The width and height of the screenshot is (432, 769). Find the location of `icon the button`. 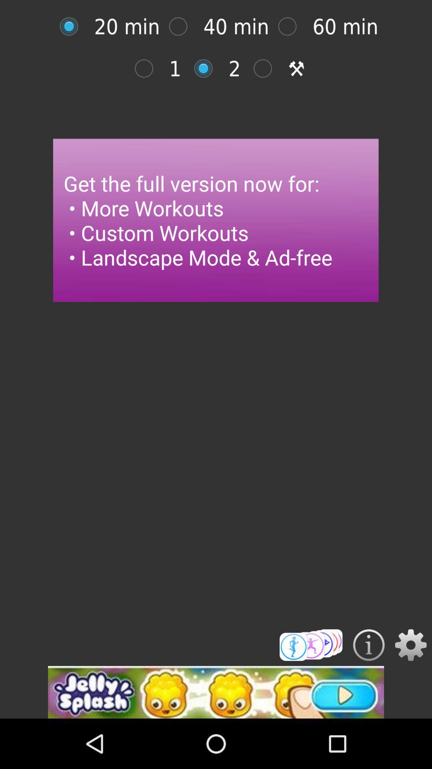

icon the button is located at coordinates (369, 645).